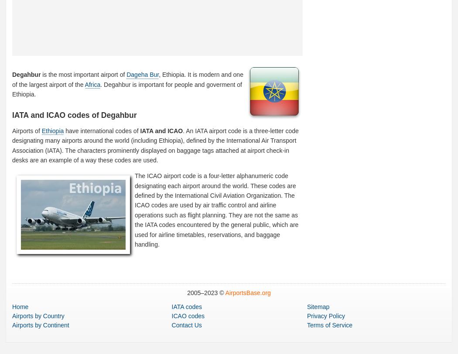 The image size is (458, 354). Describe the element at coordinates (12, 75) in the screenshot. I see `'Degahbur'` at that location.